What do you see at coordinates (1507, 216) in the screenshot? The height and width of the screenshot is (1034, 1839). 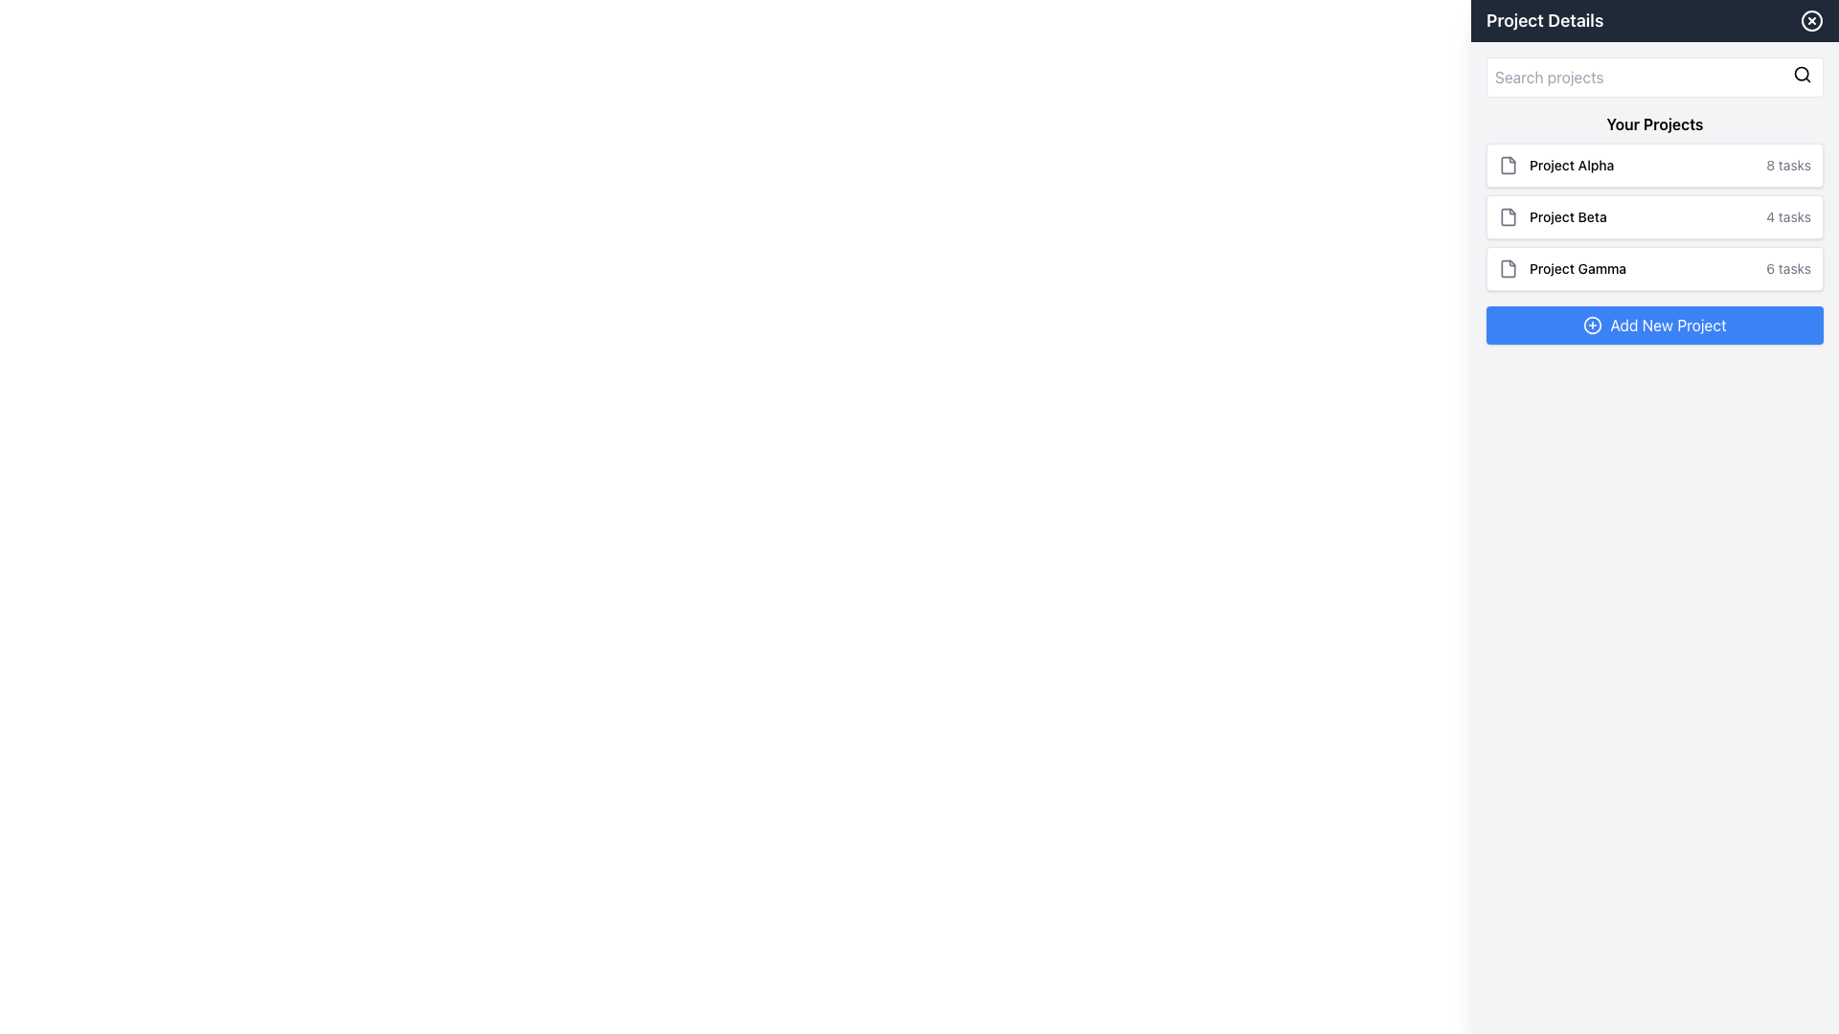 I see `the icon representing 'Project Beta' in the right-side panel labeled 'Project Details', which is the second entry in the project list` at bounding box center [1507, 216].